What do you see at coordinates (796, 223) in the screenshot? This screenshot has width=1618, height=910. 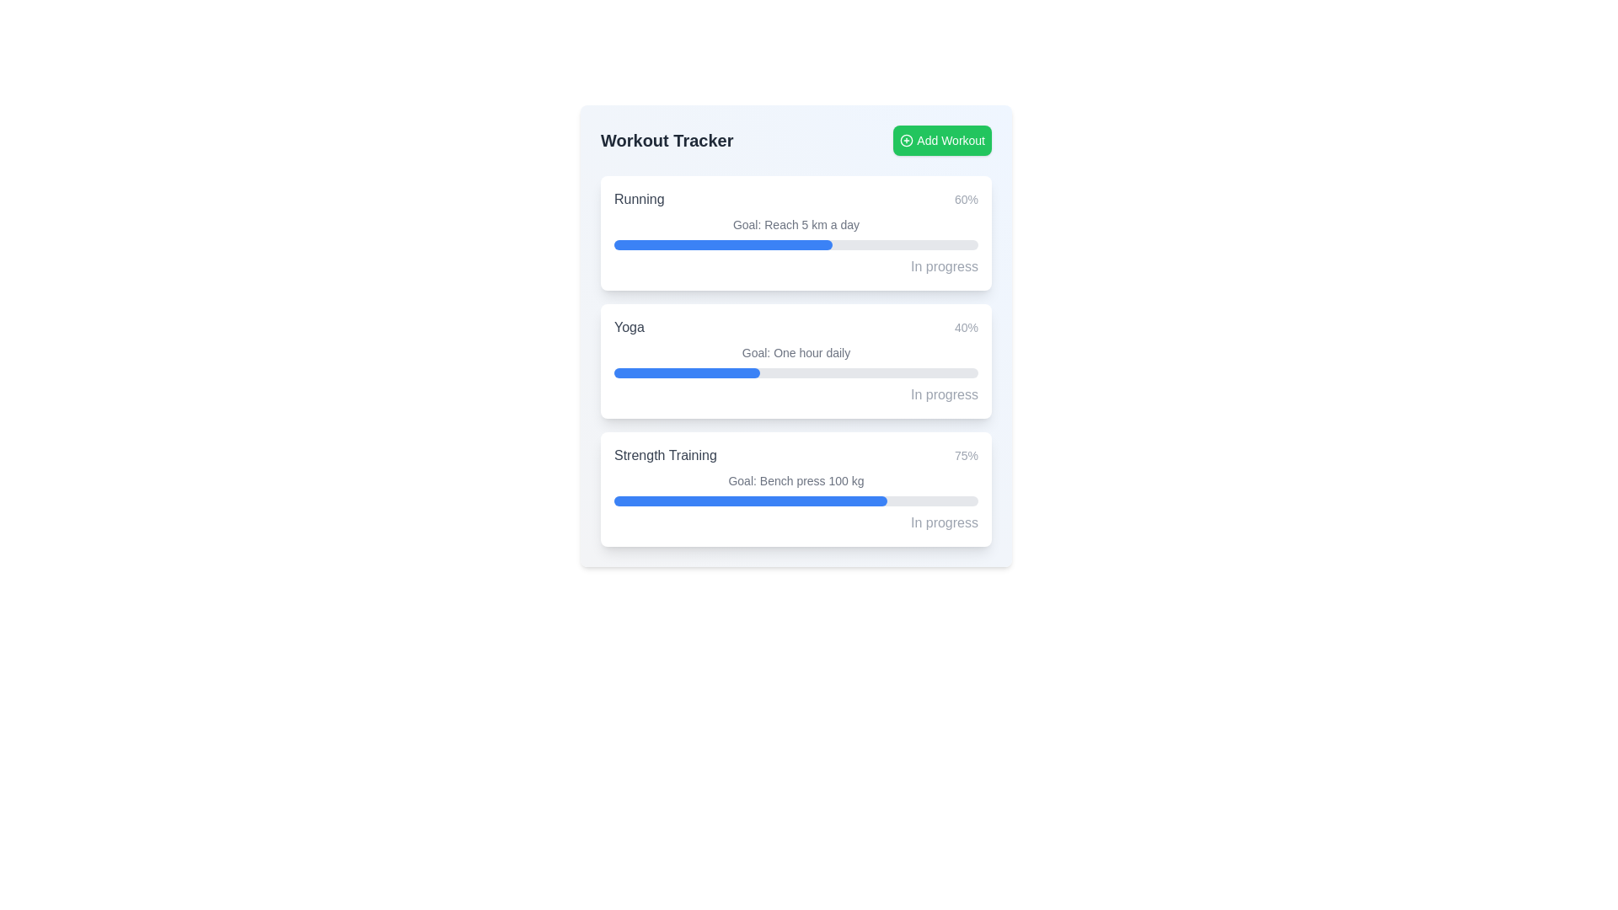 I see `the text label that displays 'Goal: Reach 5 km a day' located within the 'Running' activity card layout` at bounding box center [796, 223].